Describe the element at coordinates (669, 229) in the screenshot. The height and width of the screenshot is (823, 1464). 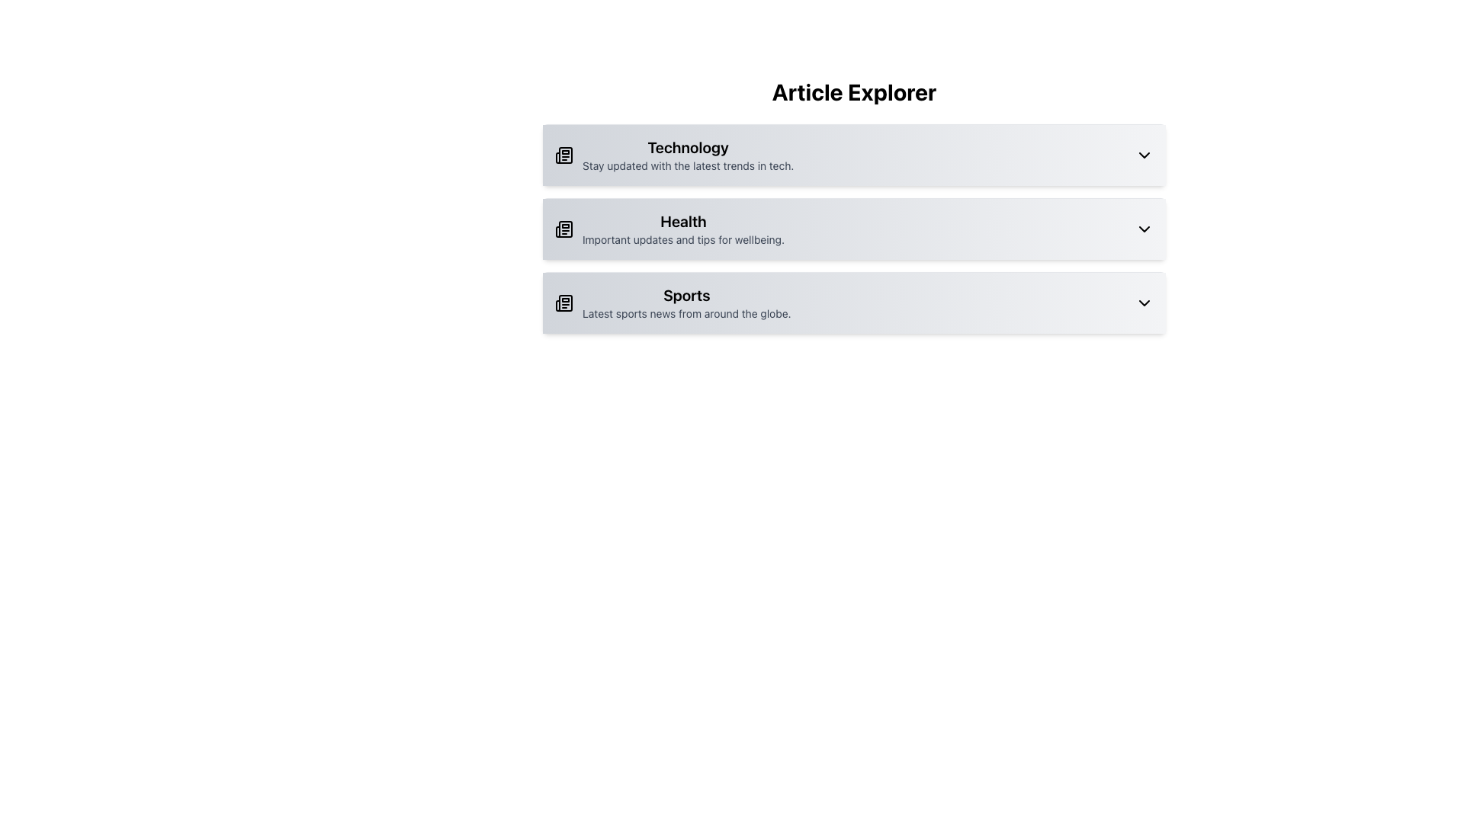
I see `the 'Health' group item, which contains an icon resembling a newspaper and two lines of text` at that location.